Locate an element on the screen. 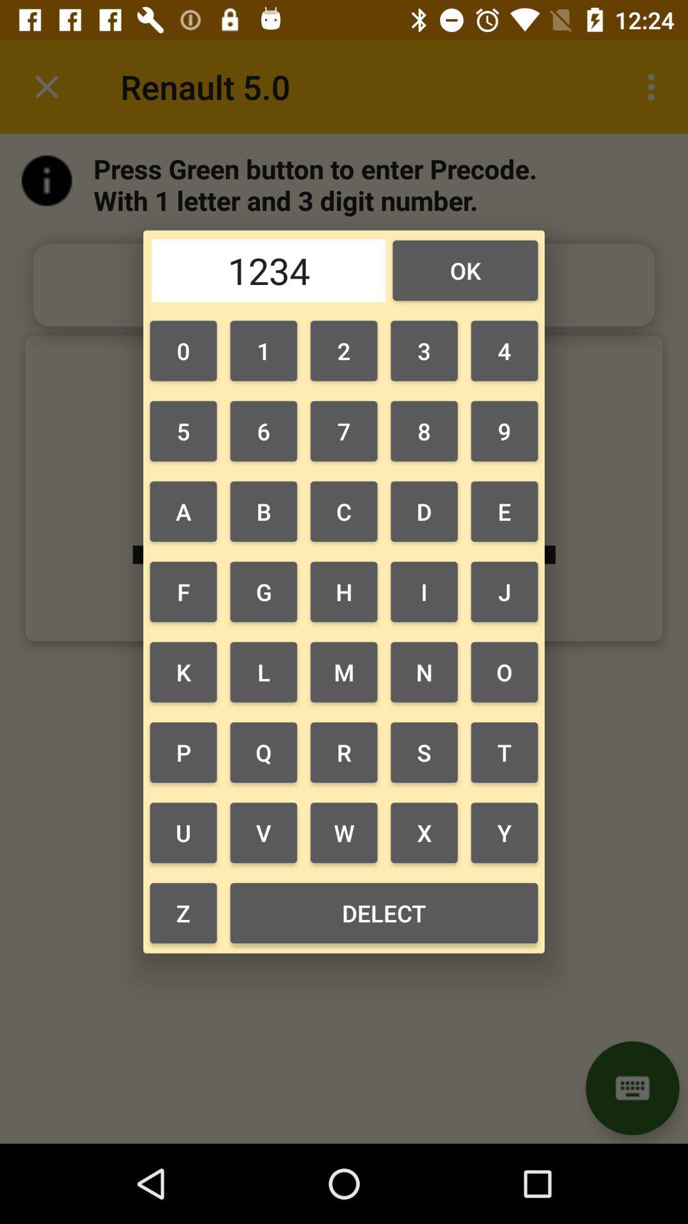  icon next to 4 icon is located at coordinates (424, 351).